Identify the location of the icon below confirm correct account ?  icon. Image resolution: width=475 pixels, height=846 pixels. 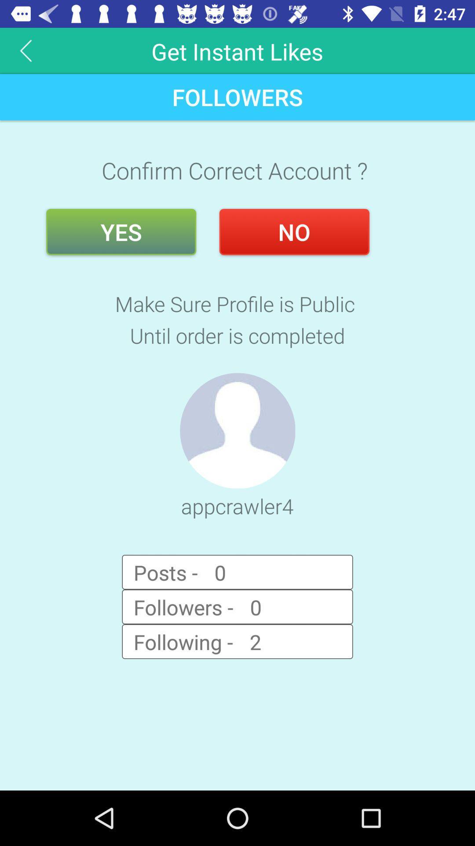
(121, 232).